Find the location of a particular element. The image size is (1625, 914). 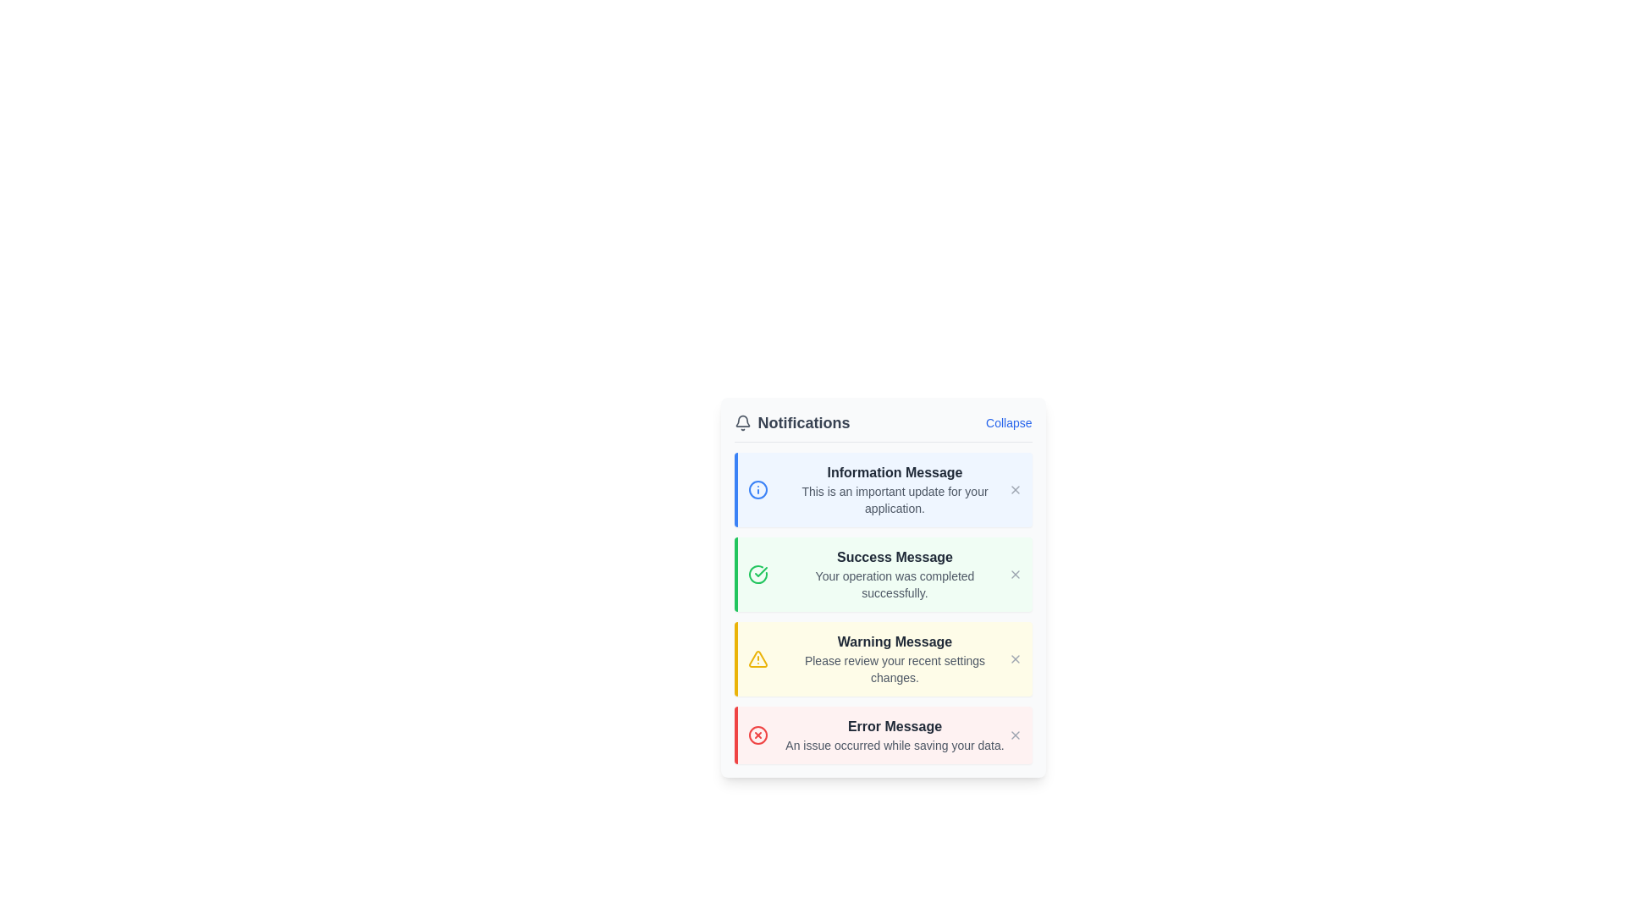

the Text Label at the top of the notification list is located at coordinates (894, 473).